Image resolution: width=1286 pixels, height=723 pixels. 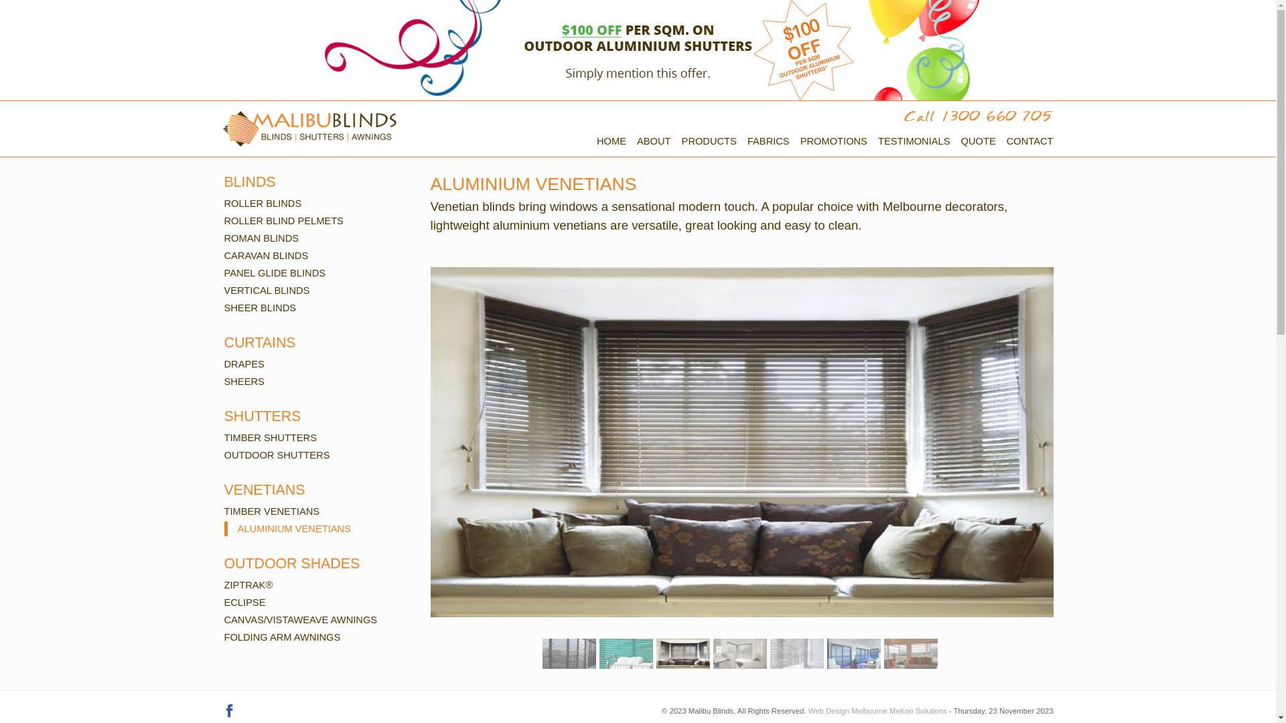 What do you see at coordinates (977, 116) in the screenshot?
I see `'Call 1300 660 705'` at bounding box center [977, 116].